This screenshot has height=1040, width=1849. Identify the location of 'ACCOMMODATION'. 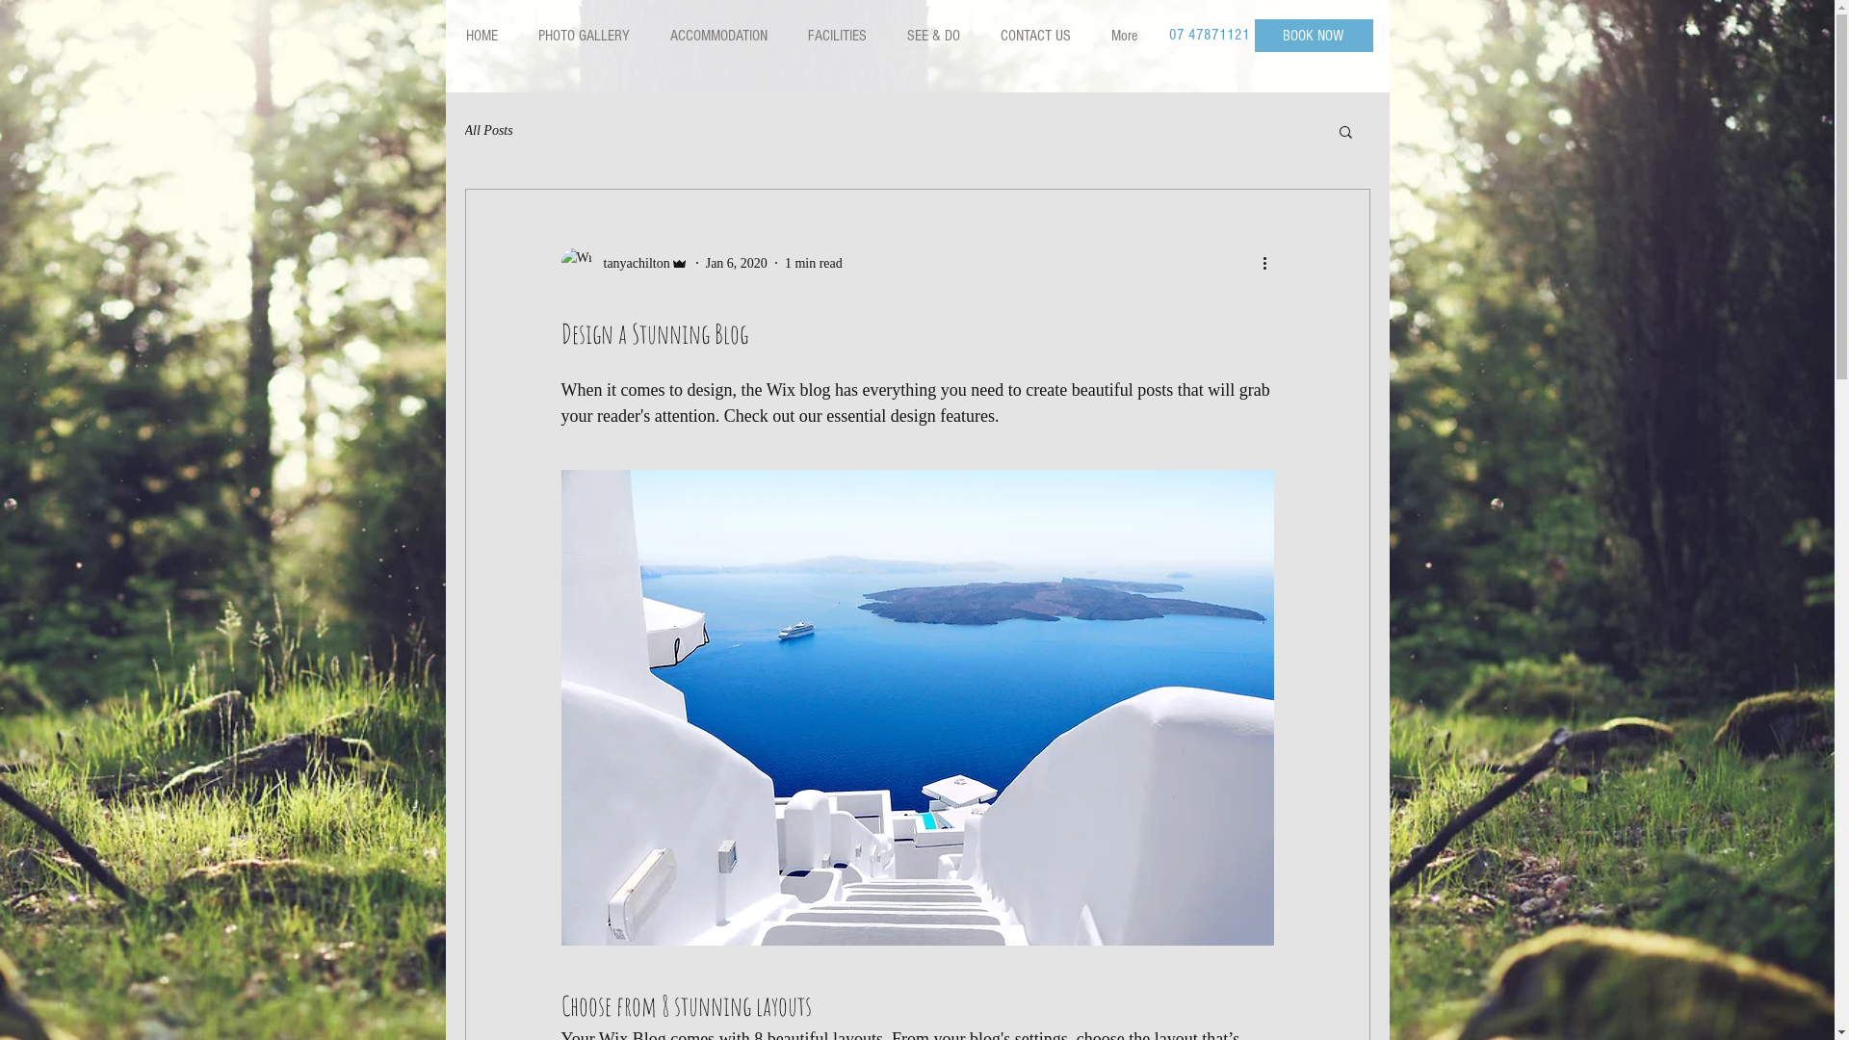
(716, 36).